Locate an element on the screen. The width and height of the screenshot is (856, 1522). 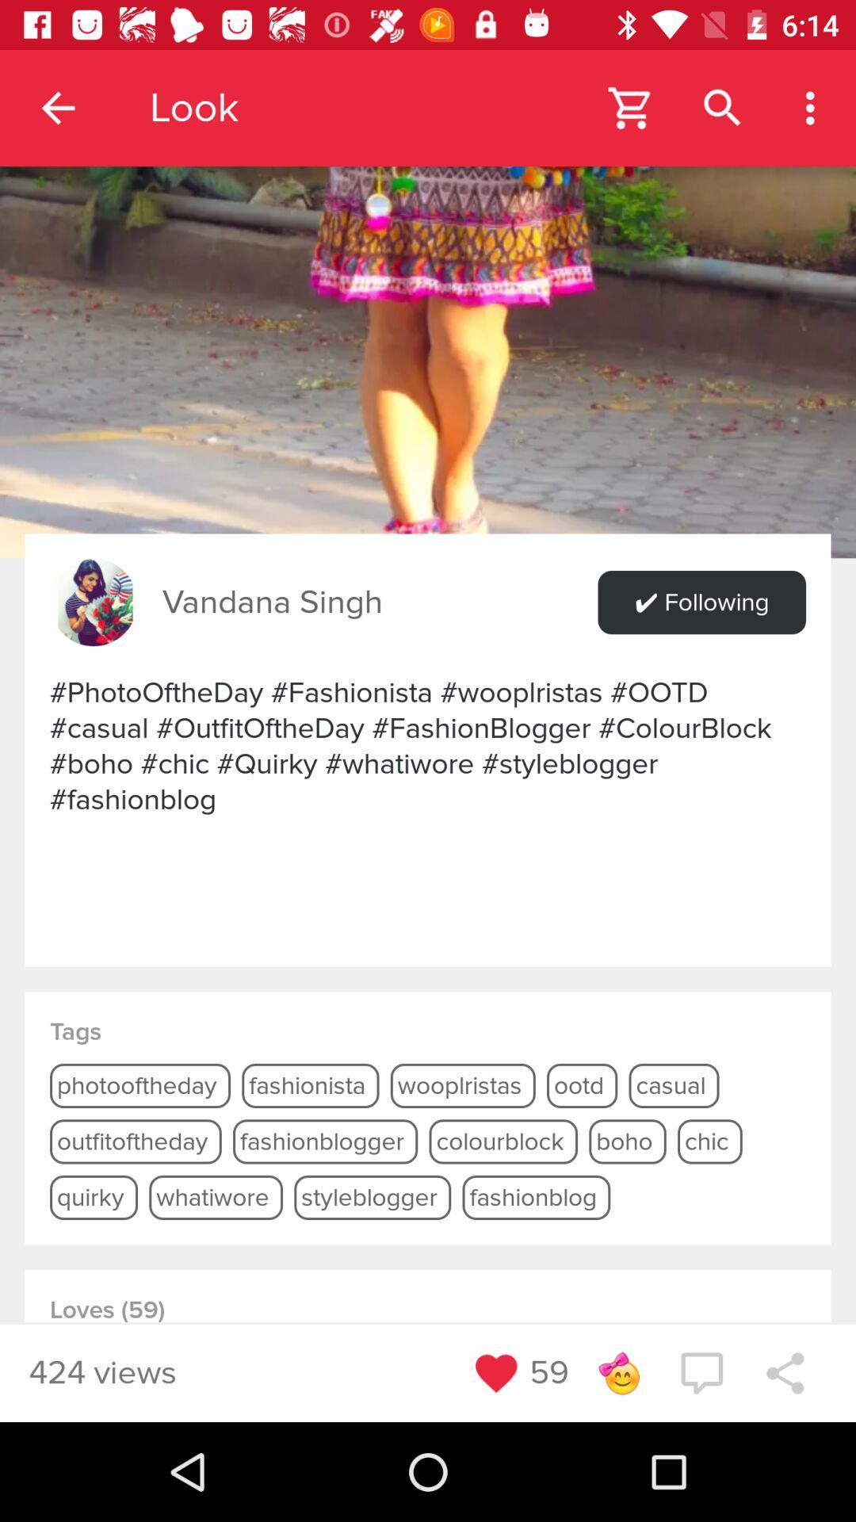
like button is located at coordinates (495, 1372).